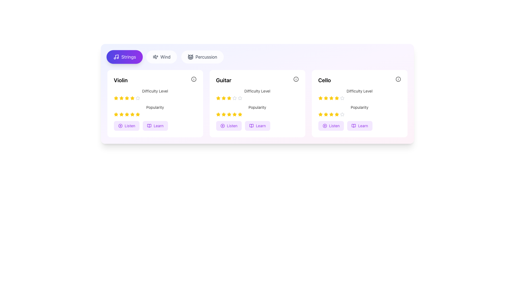 The width and height of the screenshot is (522, 293). I want to click on Rating component, which consists of five stars indicating a popularity rating, with the first four stars filled in yellow and the fifth outlined in gray, located directly beneath the 'Popularity' text in the 'Cello' box, so click(359, 114).